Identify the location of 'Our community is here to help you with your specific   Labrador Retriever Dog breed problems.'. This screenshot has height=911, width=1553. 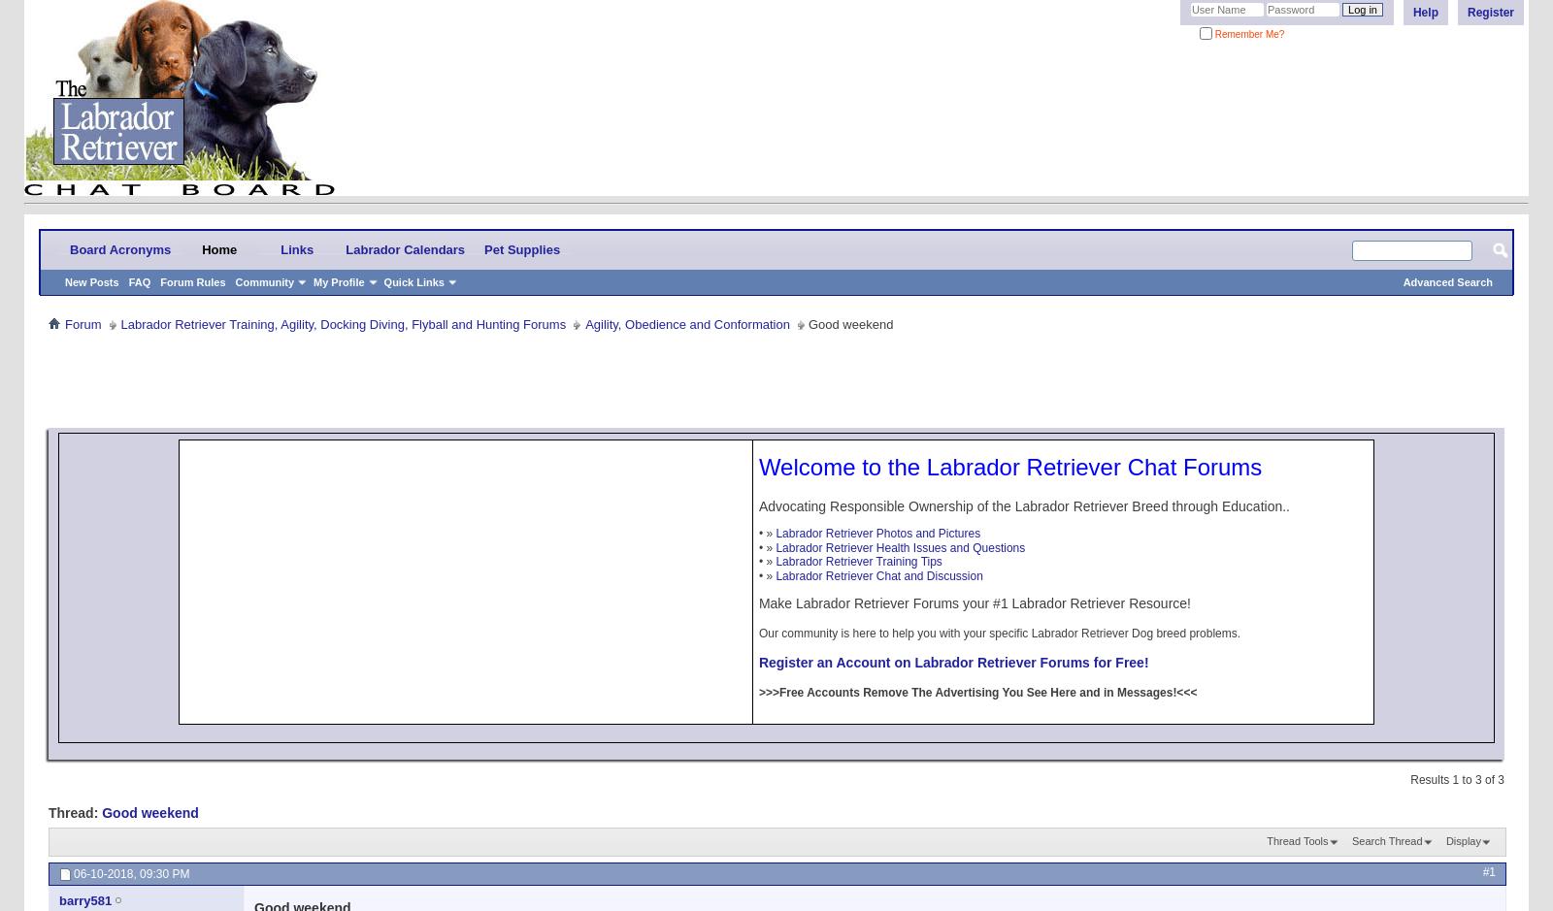
(757, 633).